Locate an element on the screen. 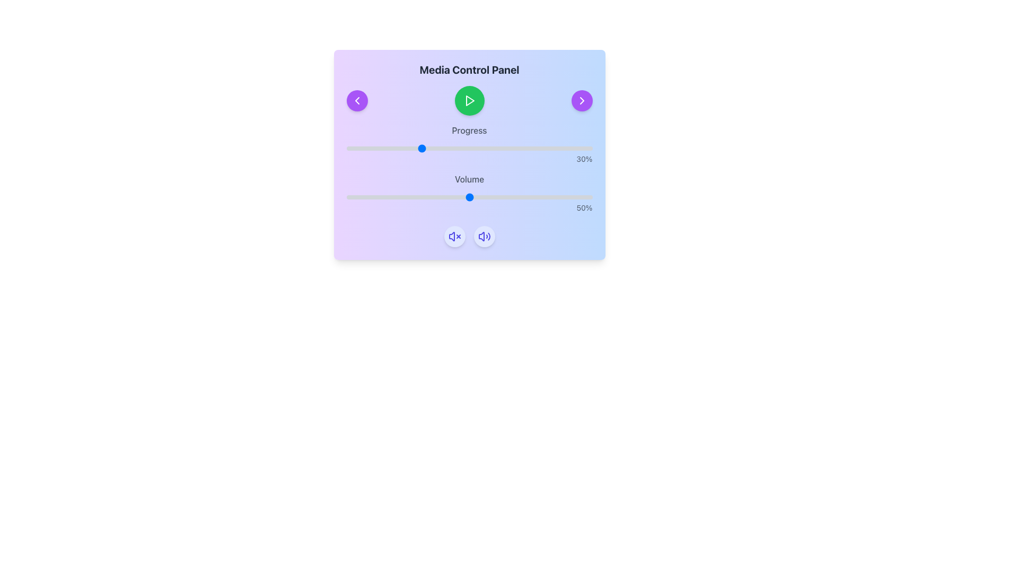  the Play Button, which is a green circular button containing a triangle play icon, located at the top-center of the media control interface is located at coordinates (469, 100).